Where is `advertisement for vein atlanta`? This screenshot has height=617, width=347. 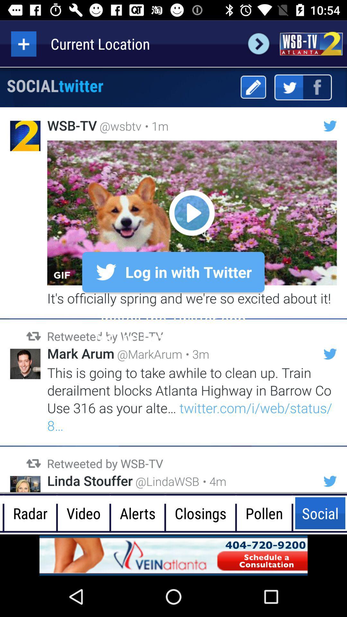 advertisement for vein atlanta is located at coordinates (173, 555).